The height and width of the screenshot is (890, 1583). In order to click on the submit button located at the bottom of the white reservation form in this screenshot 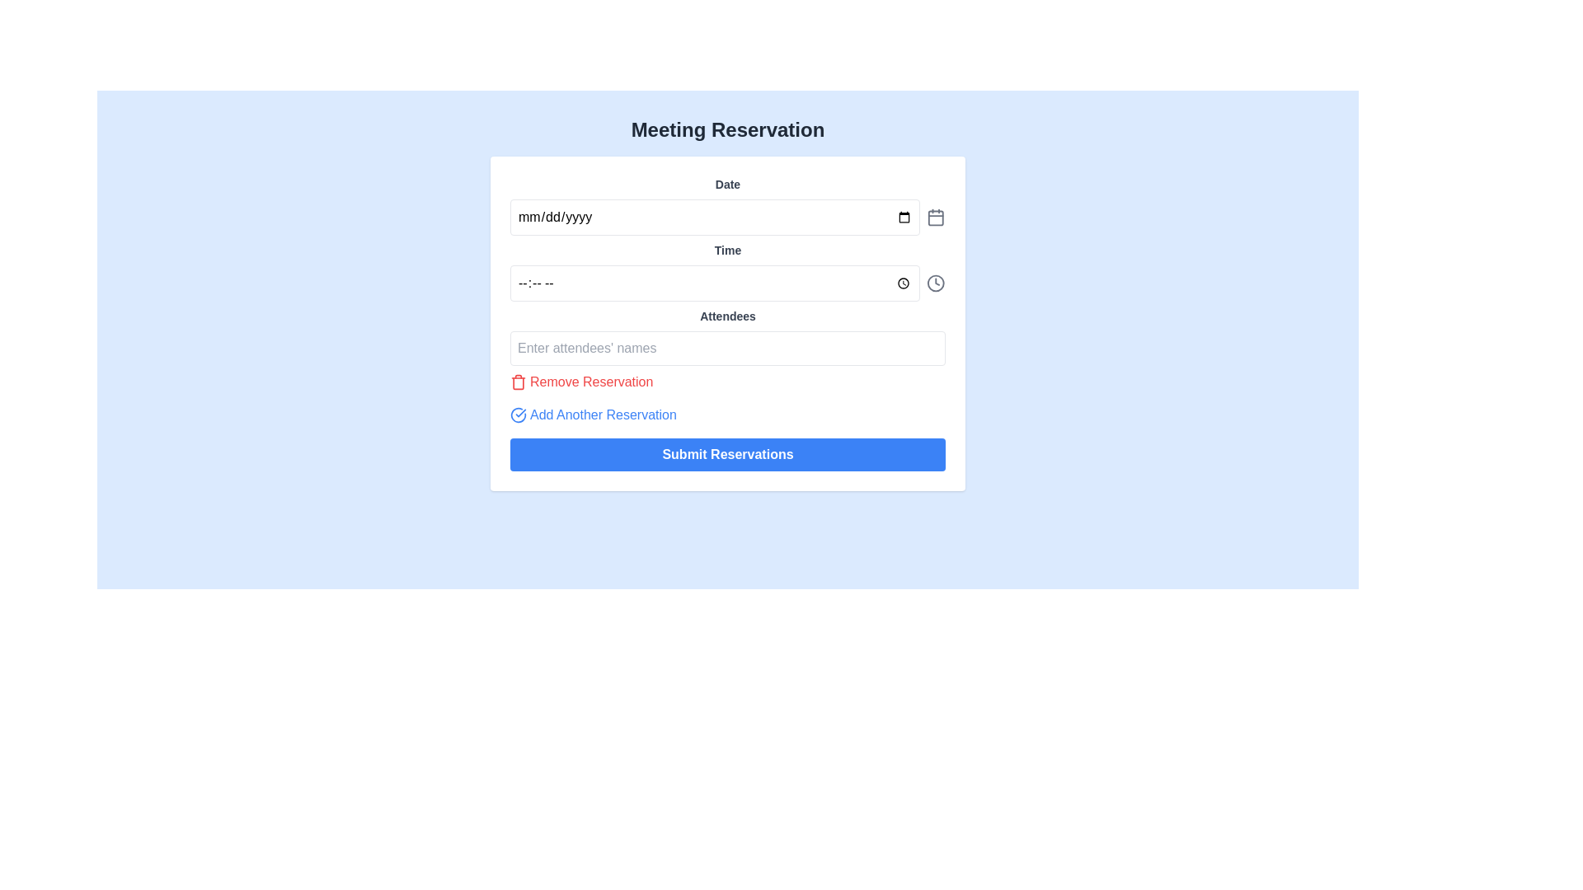, I will do `click(727, 454)`.